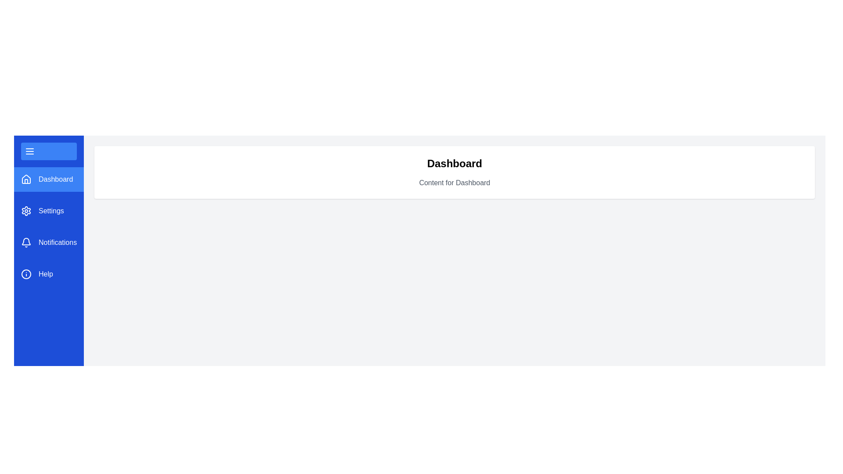 Image resolution: width=843 pixels, height=474 pixels. What do you see at coordinates (26, 179) in the screenshot?
I see `the house-shaped icon in the sidebar menu` at bounding box center [26, 179].